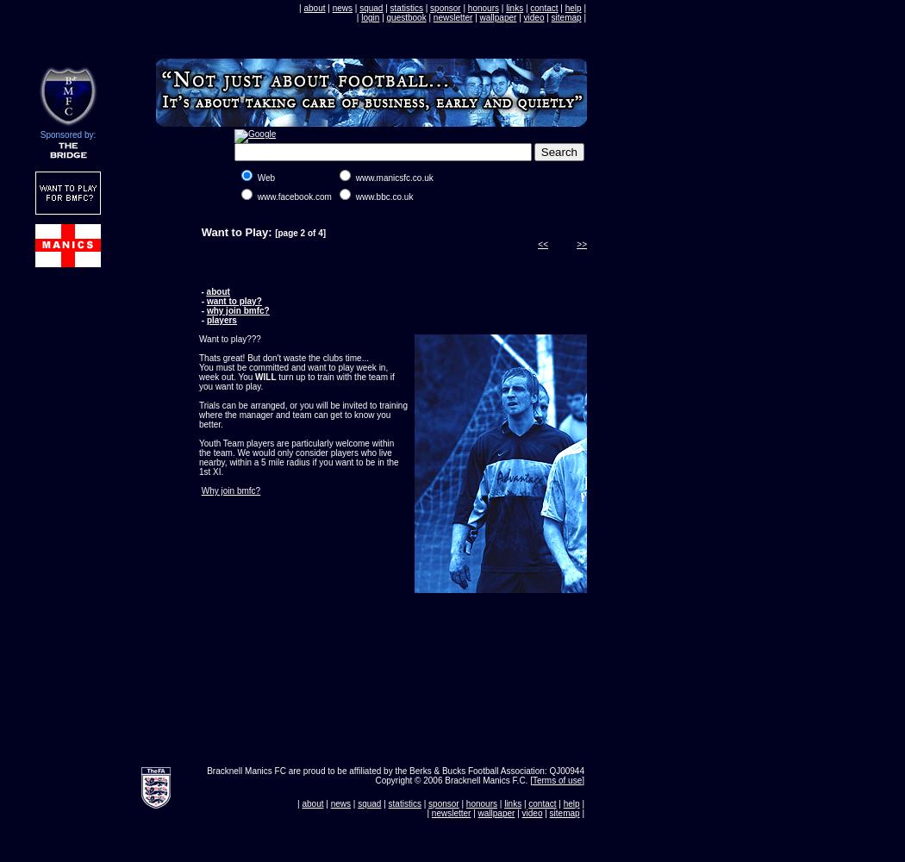 This screenshot has width=905, height=862. What do you see at coordinates (255, 177) in the screenshot?
I see `'Web'` at bounding box center [255, 177].